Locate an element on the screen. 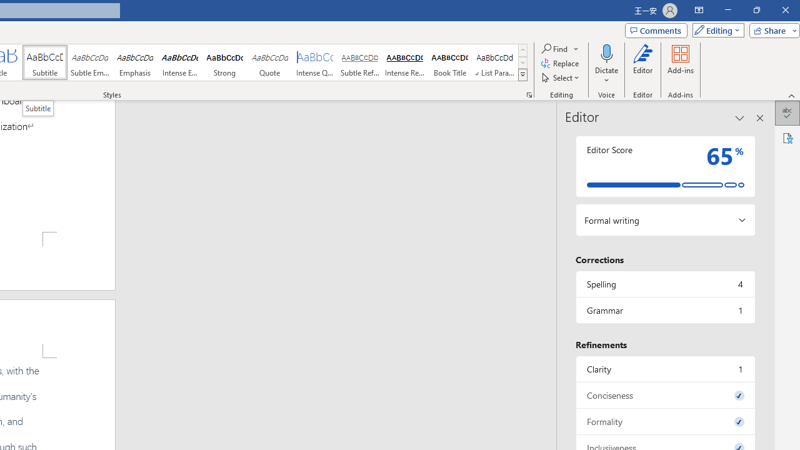 This screenshot has width=800, height=450. 'Minimize' is located at coordinates (727, 10).